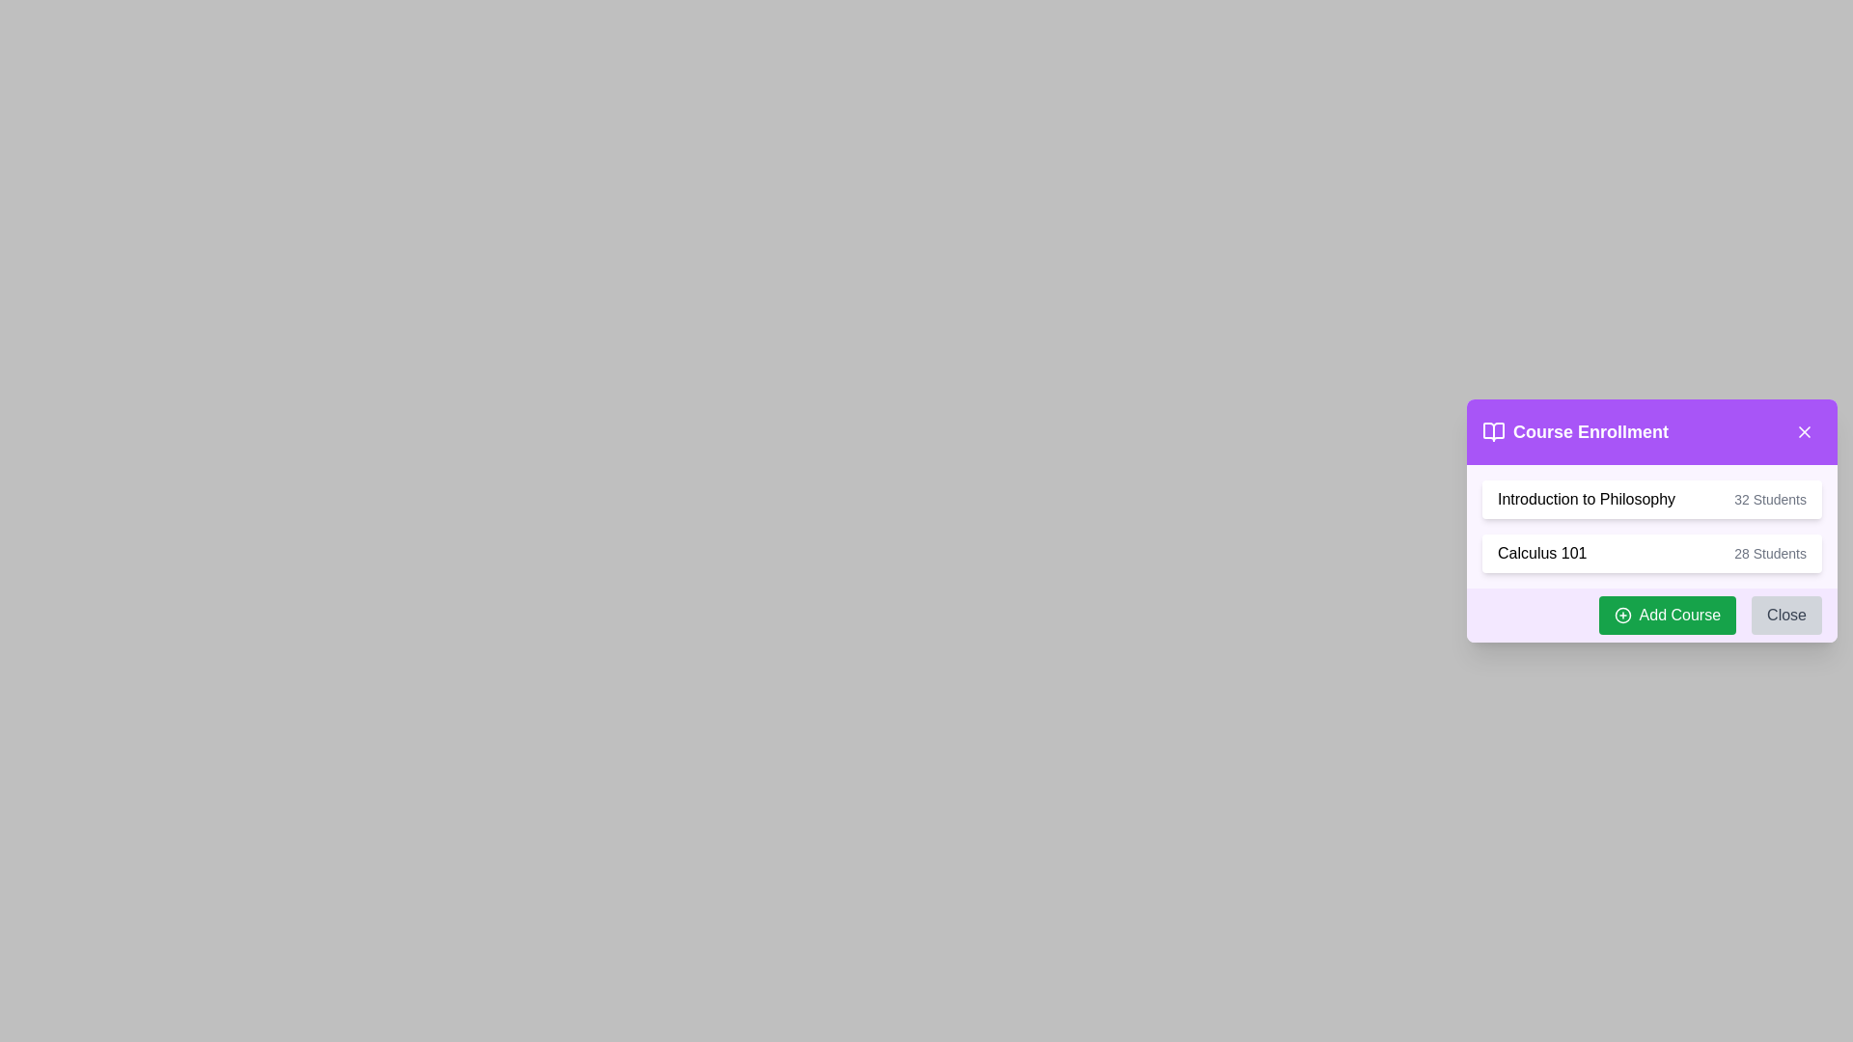 The width and height of the screenshot is (1853, 1042). What do you see at coordinates (1651, 498) in the screenshot?
I see `student count from the first Informational List Item labeled 'Introduction to Philosophy' in the 'Course Enrollment' panel` at bounding box center [1651, 498].